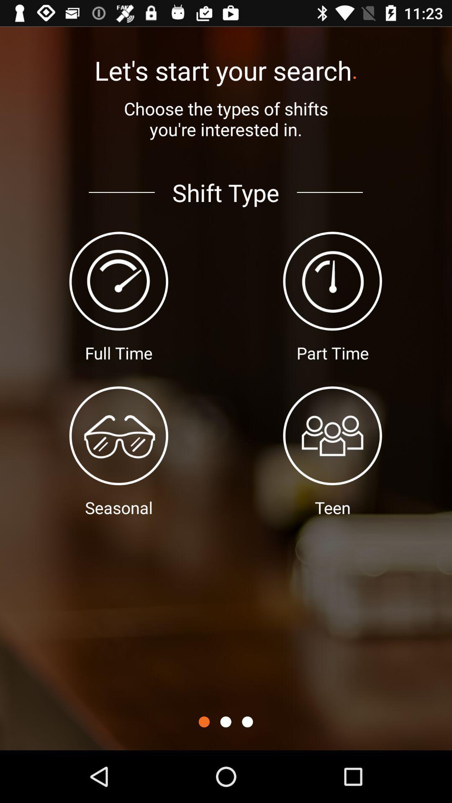 The width and height of the screenshot is (452, 803). What do you see at coordinates (204, 721) in the screenshot?
I see `first page` at bounding box center [204, 721].